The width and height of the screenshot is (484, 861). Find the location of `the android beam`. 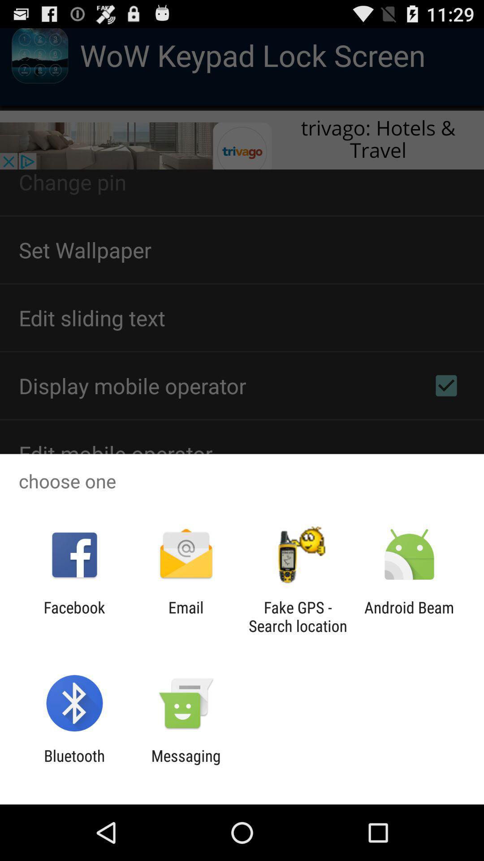

the android beam is located at coordinates (409, 616).